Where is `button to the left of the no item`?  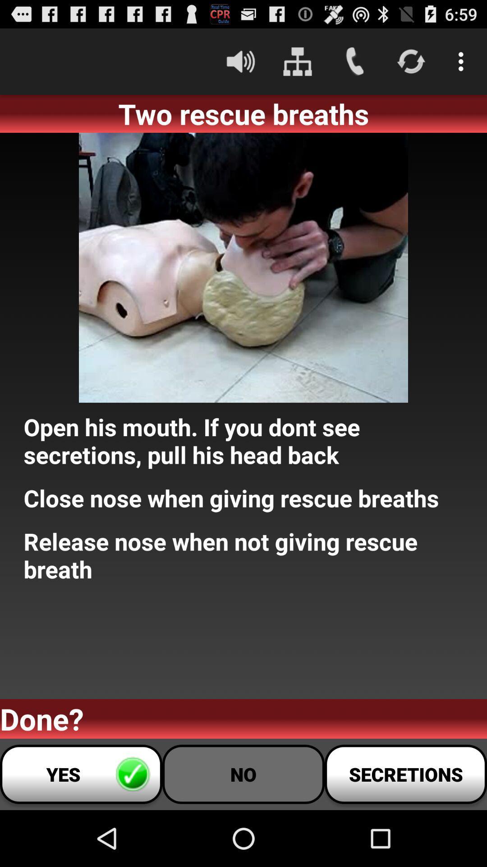
button to the left of the no item is located at coordinates (81, 774).